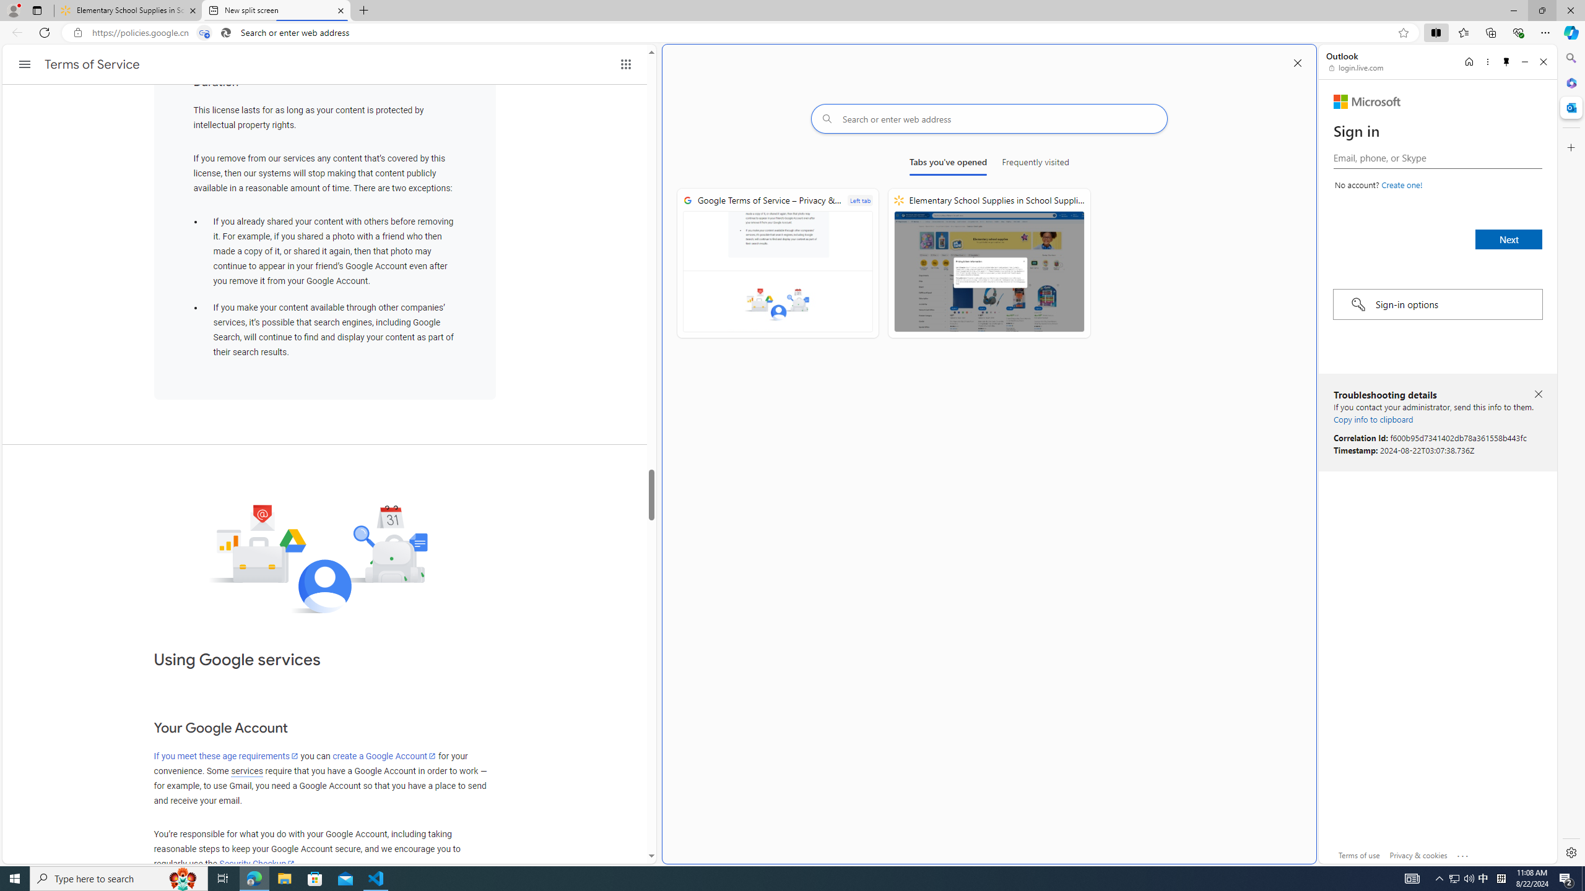  I want to click on 'Sign-in options', so click(1436, 303).